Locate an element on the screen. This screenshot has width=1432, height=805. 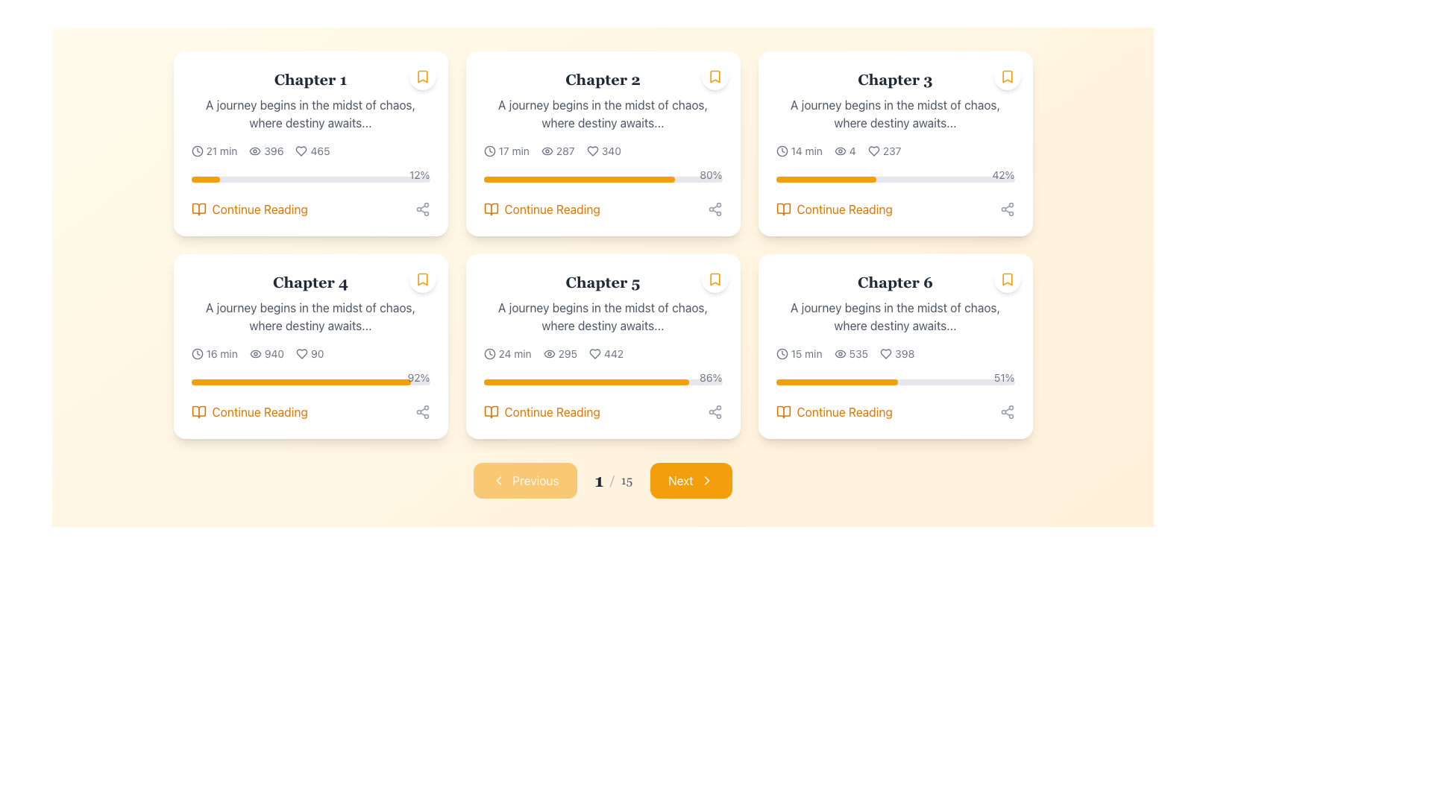
the central circle of the clock icon in the 'Chapter 6' card, located in the bottom-right corner of the grid layout is located at coordinates (781, 353).